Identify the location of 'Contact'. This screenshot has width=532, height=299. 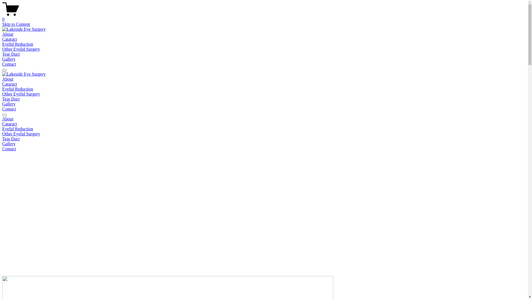
(264, 148).